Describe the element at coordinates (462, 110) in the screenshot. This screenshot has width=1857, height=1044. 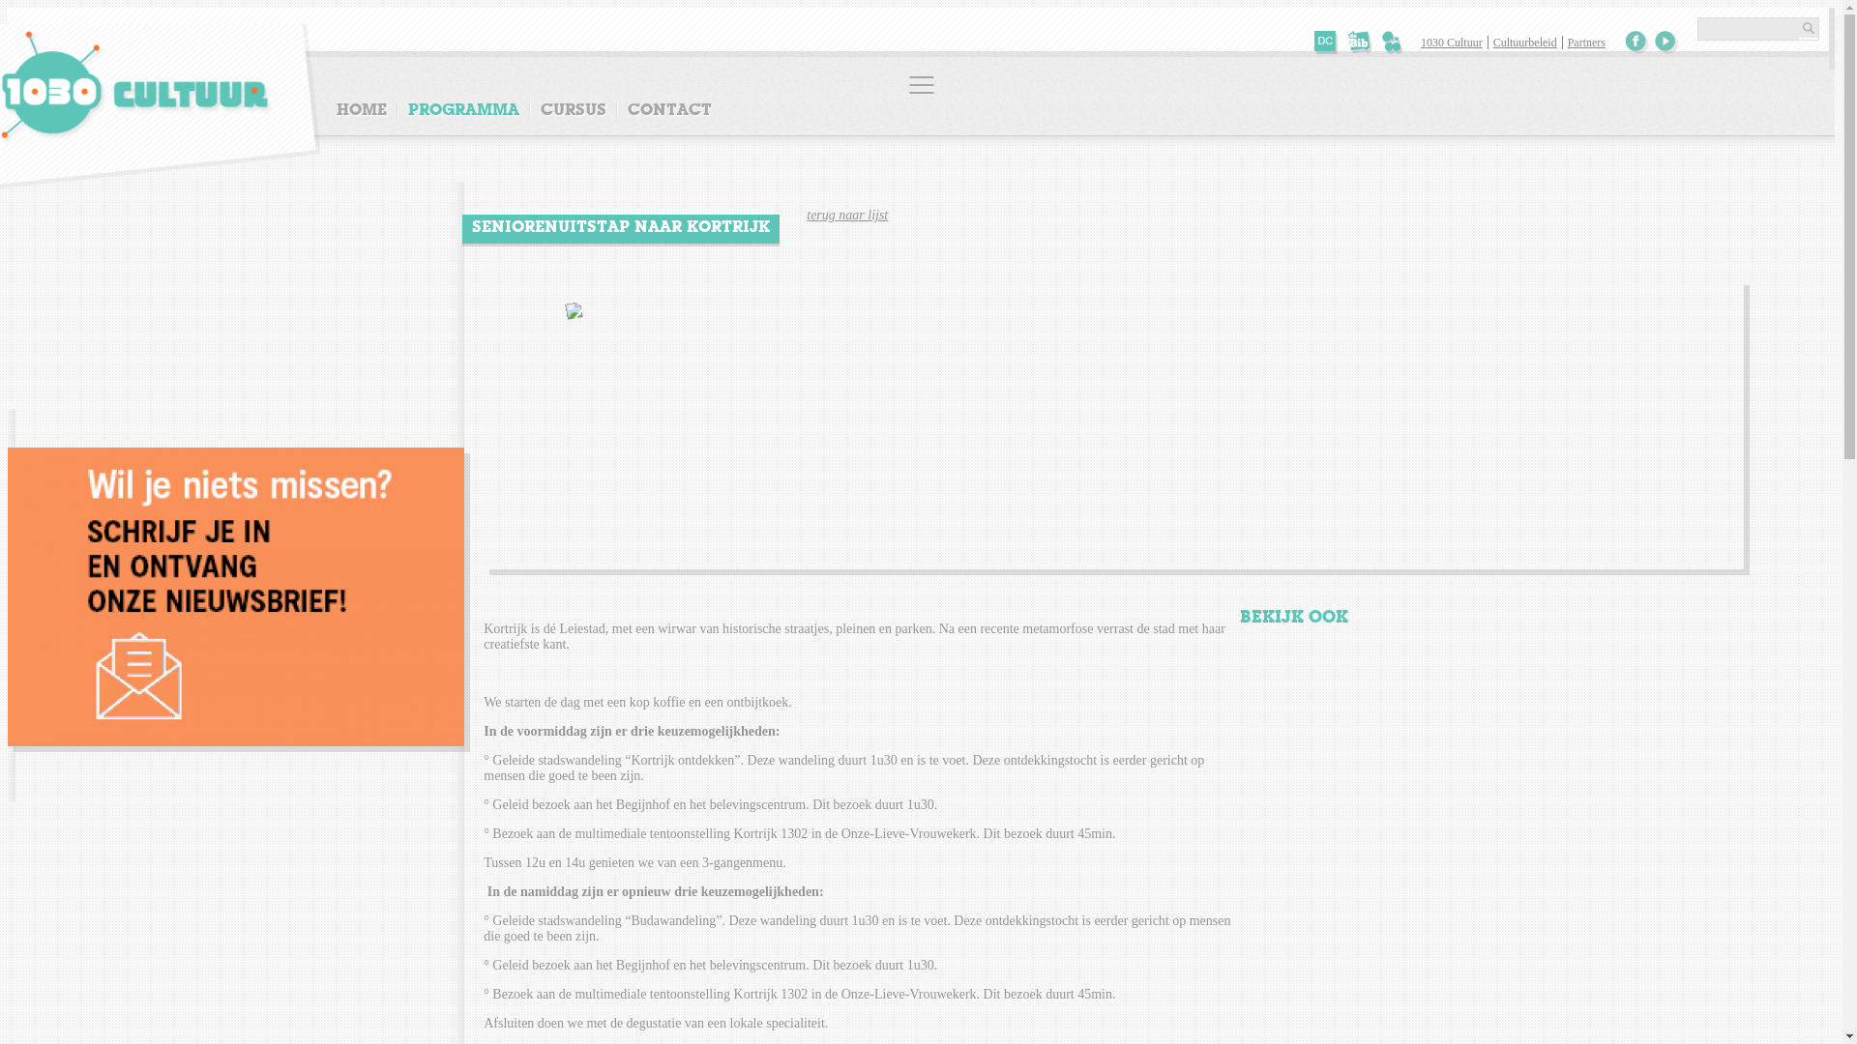
I see `'PROGRAMMA'` at that location.